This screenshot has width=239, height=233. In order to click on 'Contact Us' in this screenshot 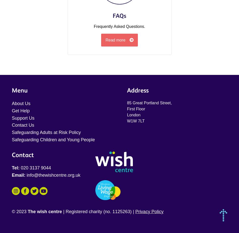, I will do `click(12, 125)`.